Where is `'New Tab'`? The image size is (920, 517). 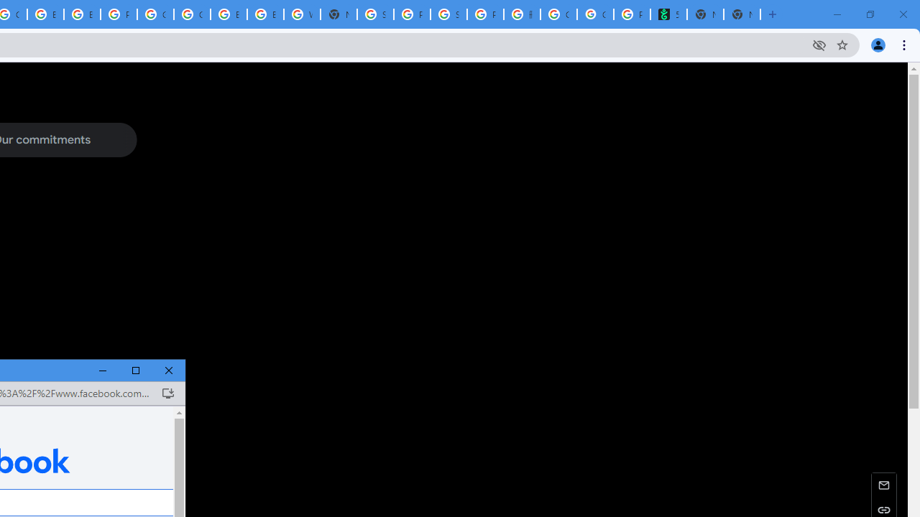
'New Tab' is located at coordinates (742, 14).